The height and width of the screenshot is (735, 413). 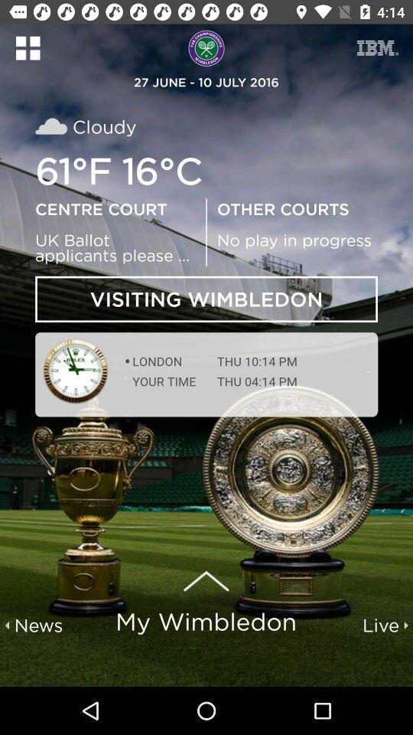 I want to click on the date_range icon, so click(x=377, y=47).